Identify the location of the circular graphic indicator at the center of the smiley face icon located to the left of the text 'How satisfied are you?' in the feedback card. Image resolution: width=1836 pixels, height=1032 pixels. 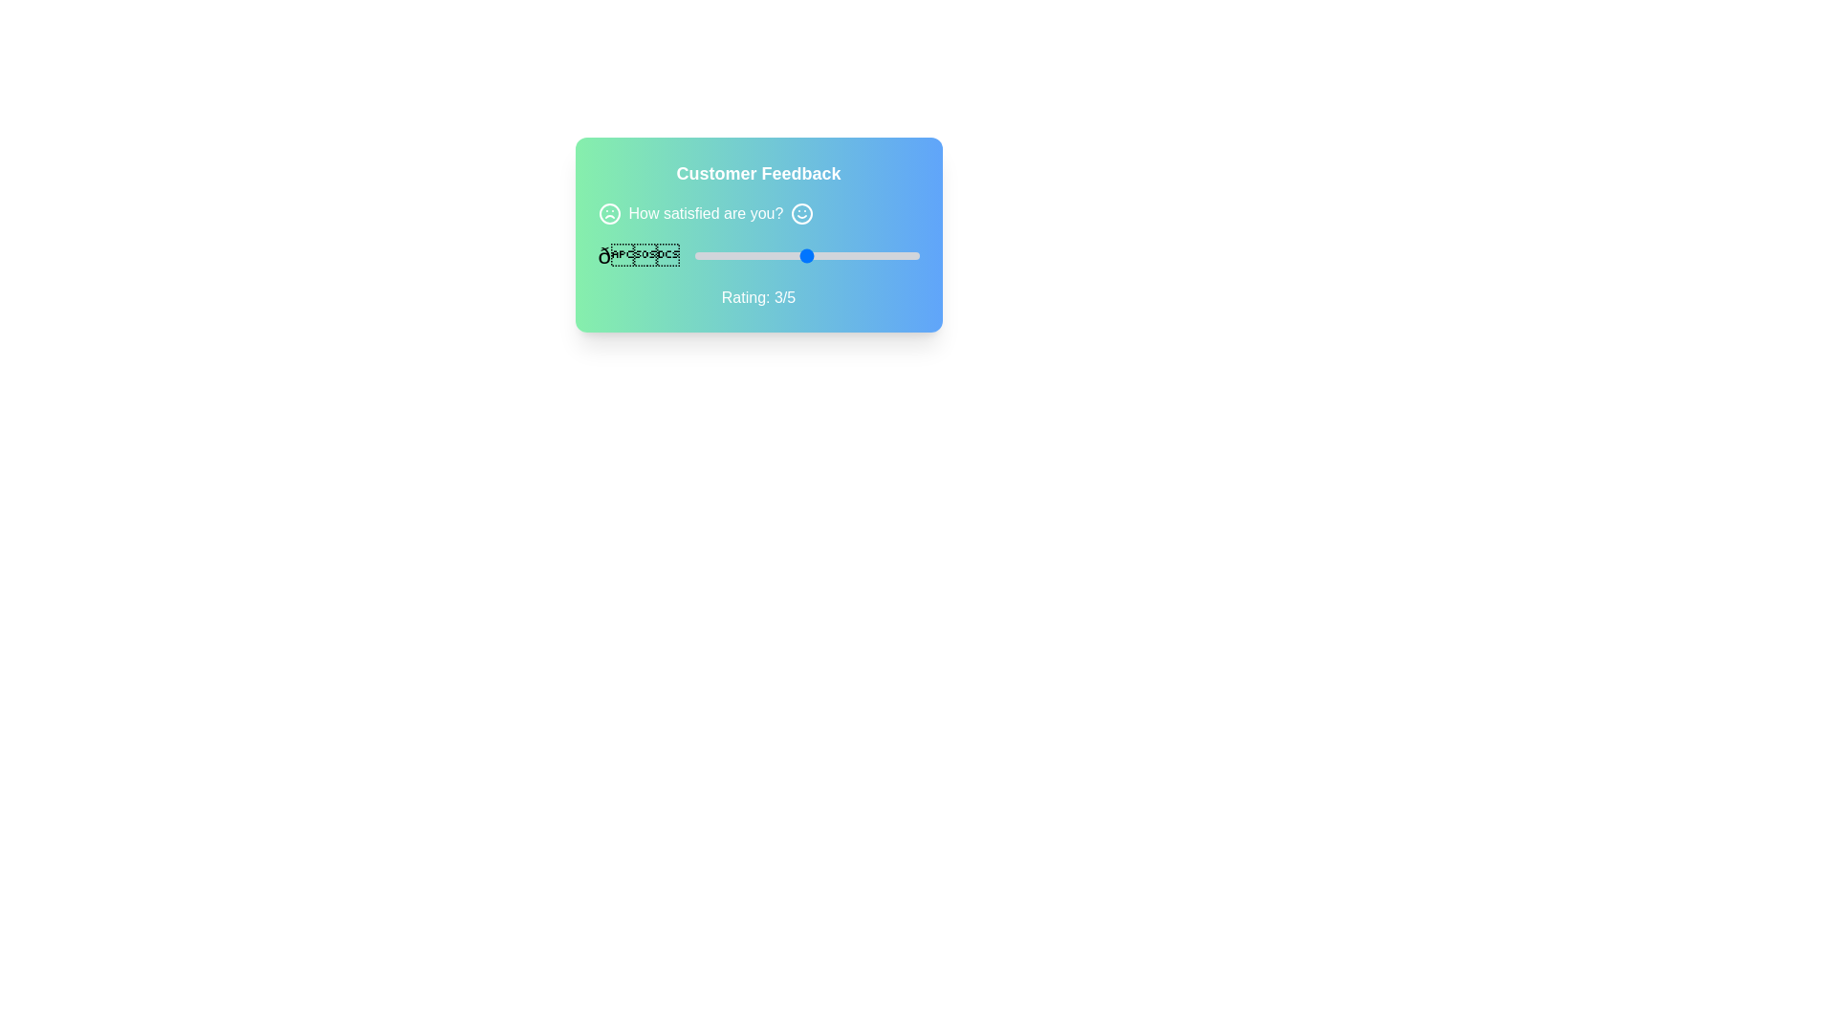
(802, 213).